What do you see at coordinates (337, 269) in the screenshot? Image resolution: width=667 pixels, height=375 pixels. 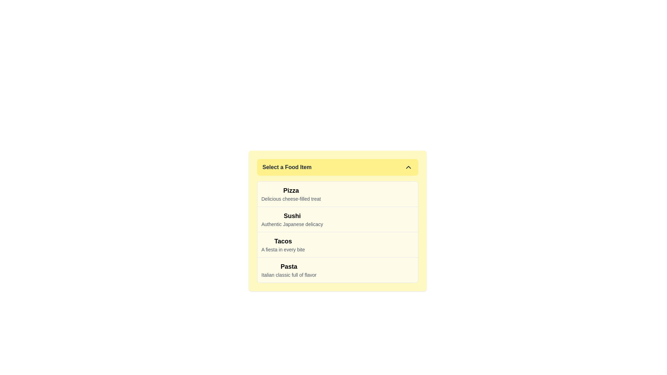 I see `the list item with the title 'Pasta' and description 'Italian classic full of flavor'` at bounding box center [337, 269].